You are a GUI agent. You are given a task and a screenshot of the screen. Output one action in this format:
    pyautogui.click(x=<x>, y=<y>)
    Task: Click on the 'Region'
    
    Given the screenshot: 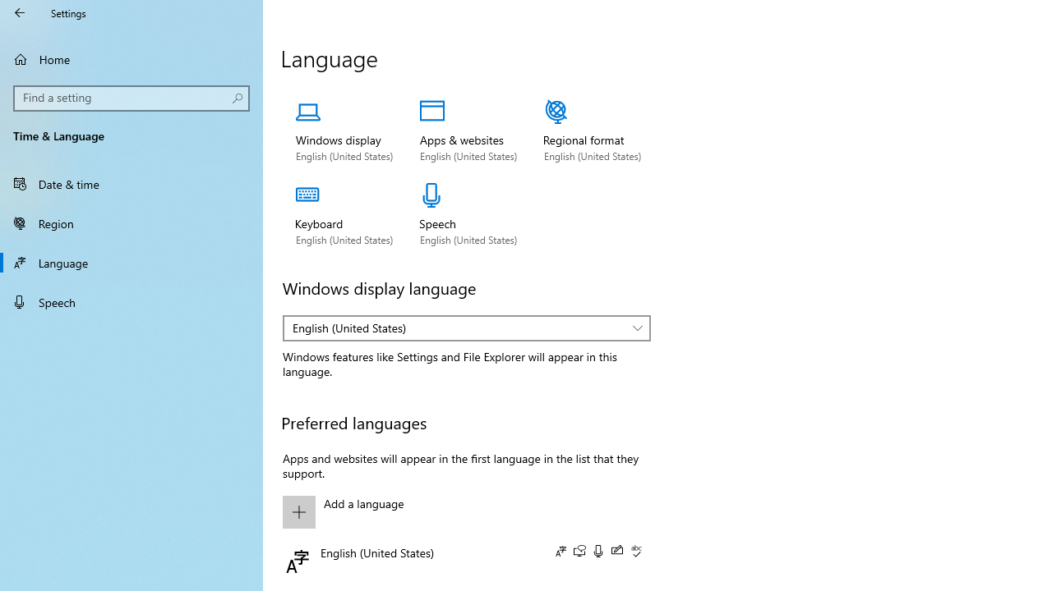 What is the action you would take?
    pyautogui.click(x=131, y=222)
    